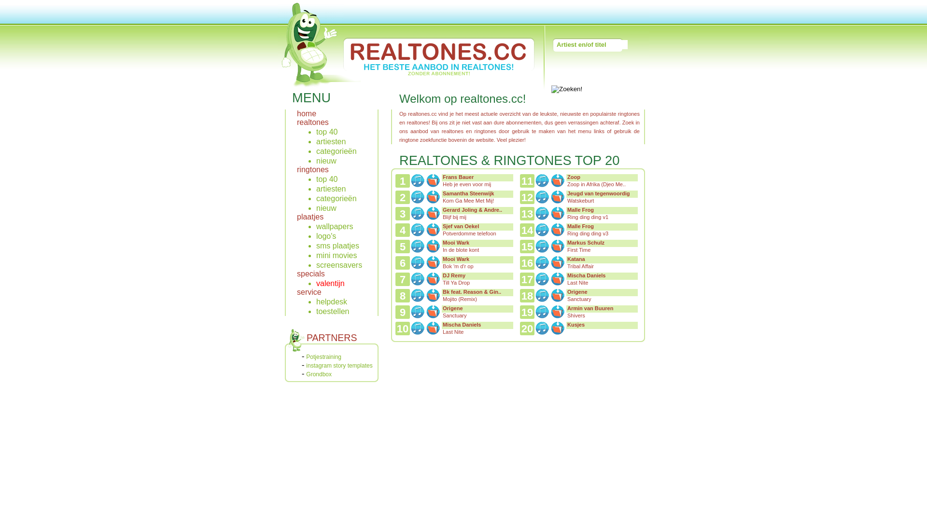 Image resolution: width=927 pixels, height=521 pixels. What do you see at coordinates (456, 282) in the screenshot?
I see `'Till Ya Drop'` at bounding box center [456, 282].